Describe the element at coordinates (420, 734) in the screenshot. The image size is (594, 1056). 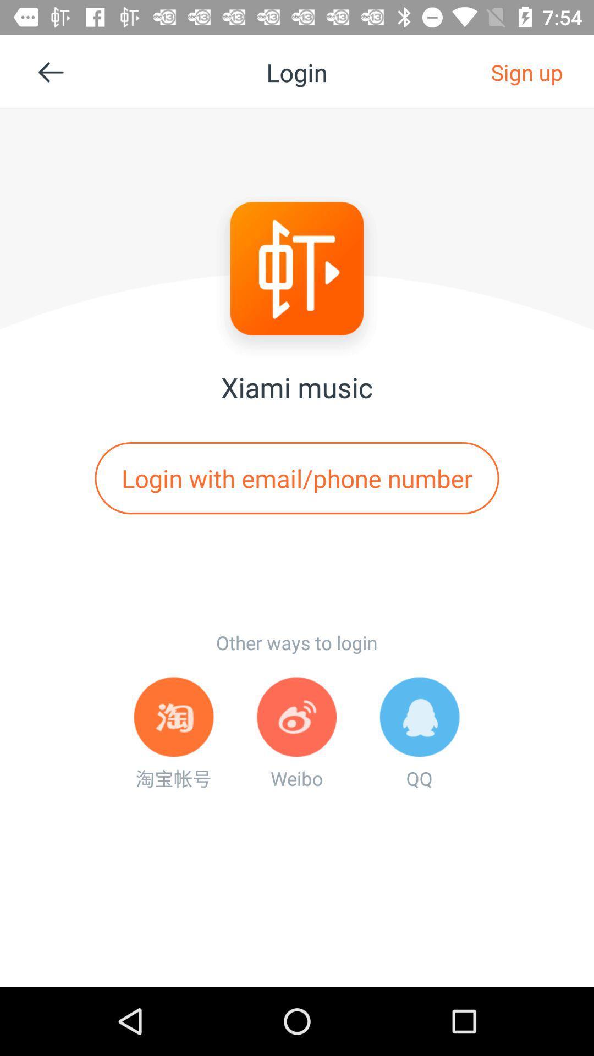
I see `qq at the bottom right corner` at that location.